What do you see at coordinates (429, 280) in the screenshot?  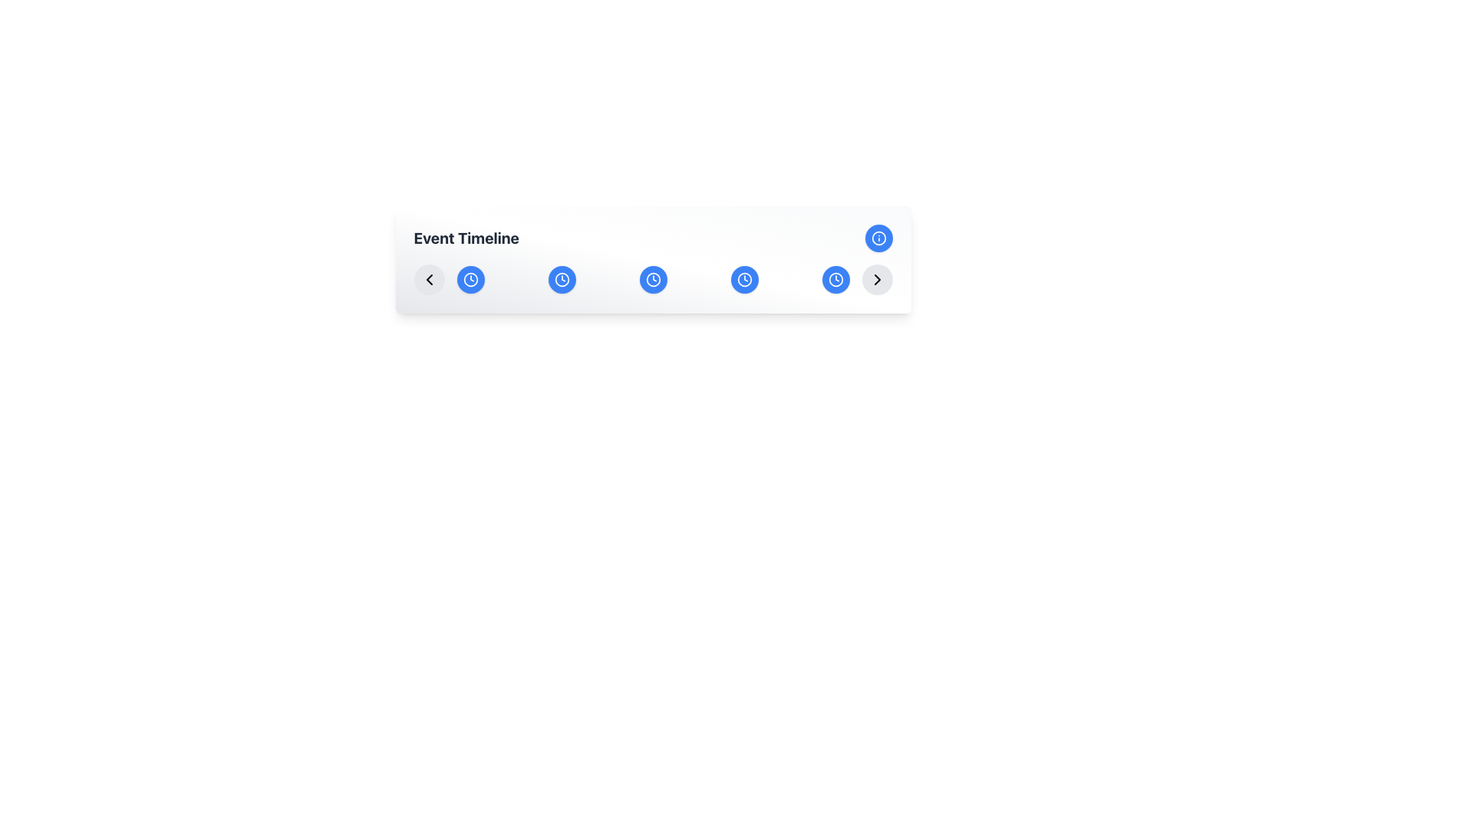 I see `the left navigation button located at the leftmost side of the row of interactive icons to navigate to the previous step in the sequence` at bounding box center [429, 280].